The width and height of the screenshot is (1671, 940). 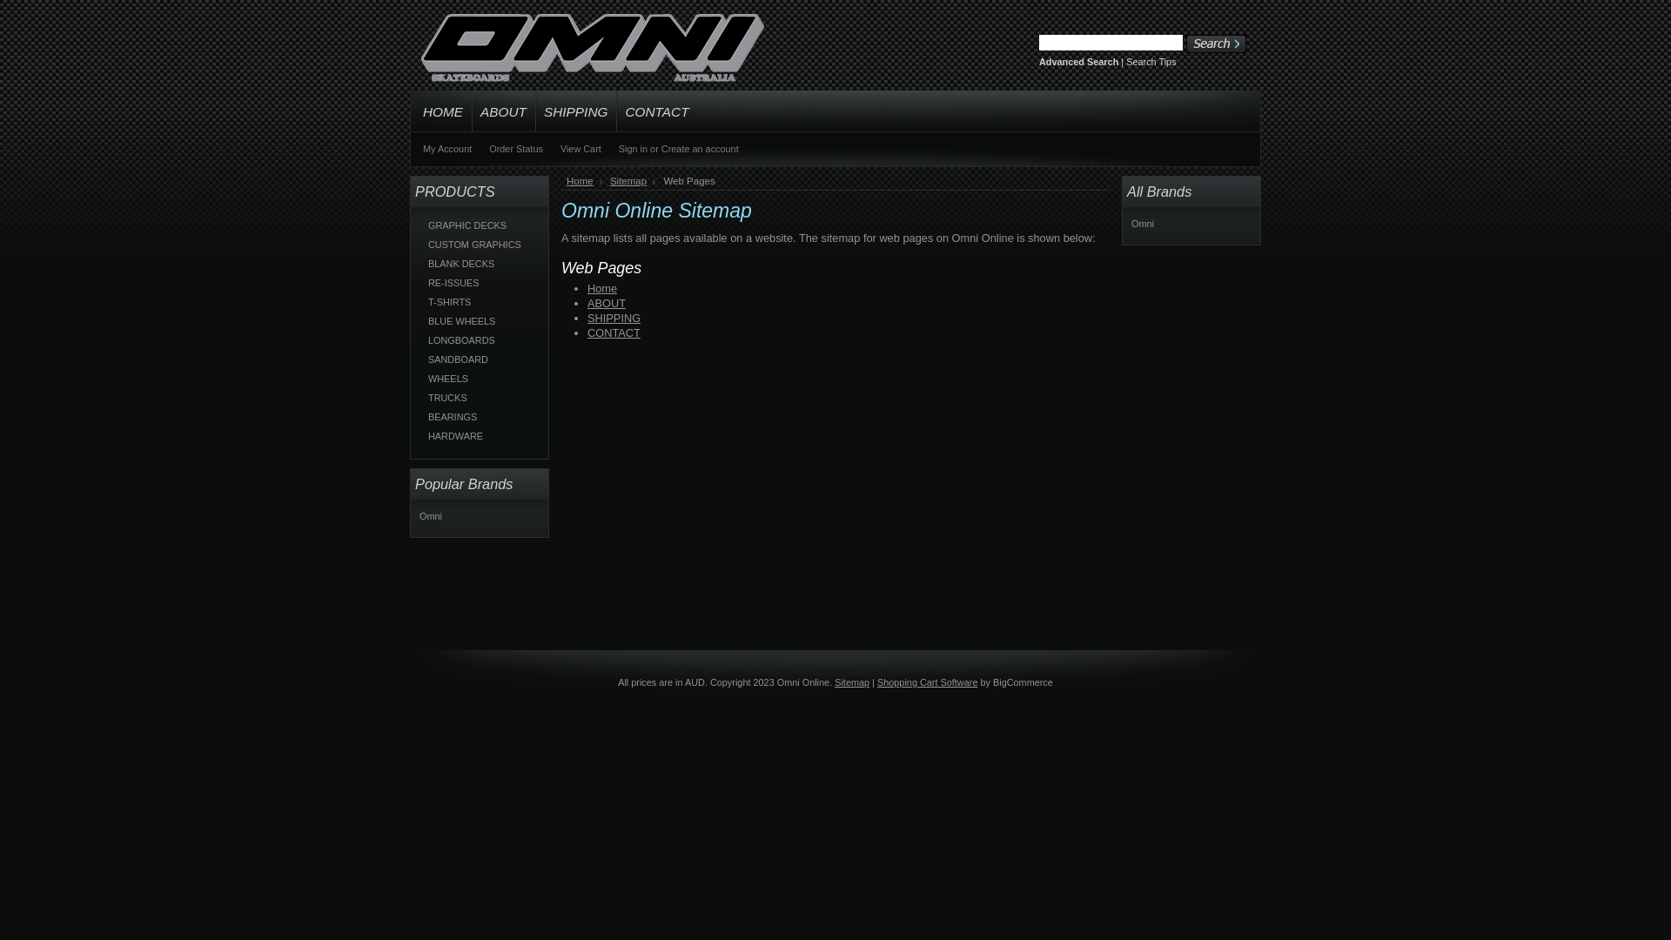 What do you see at coordinates (480, 358) in the screenshot?
I see `'SANDBOARD'` at bounding box center [480, 358].